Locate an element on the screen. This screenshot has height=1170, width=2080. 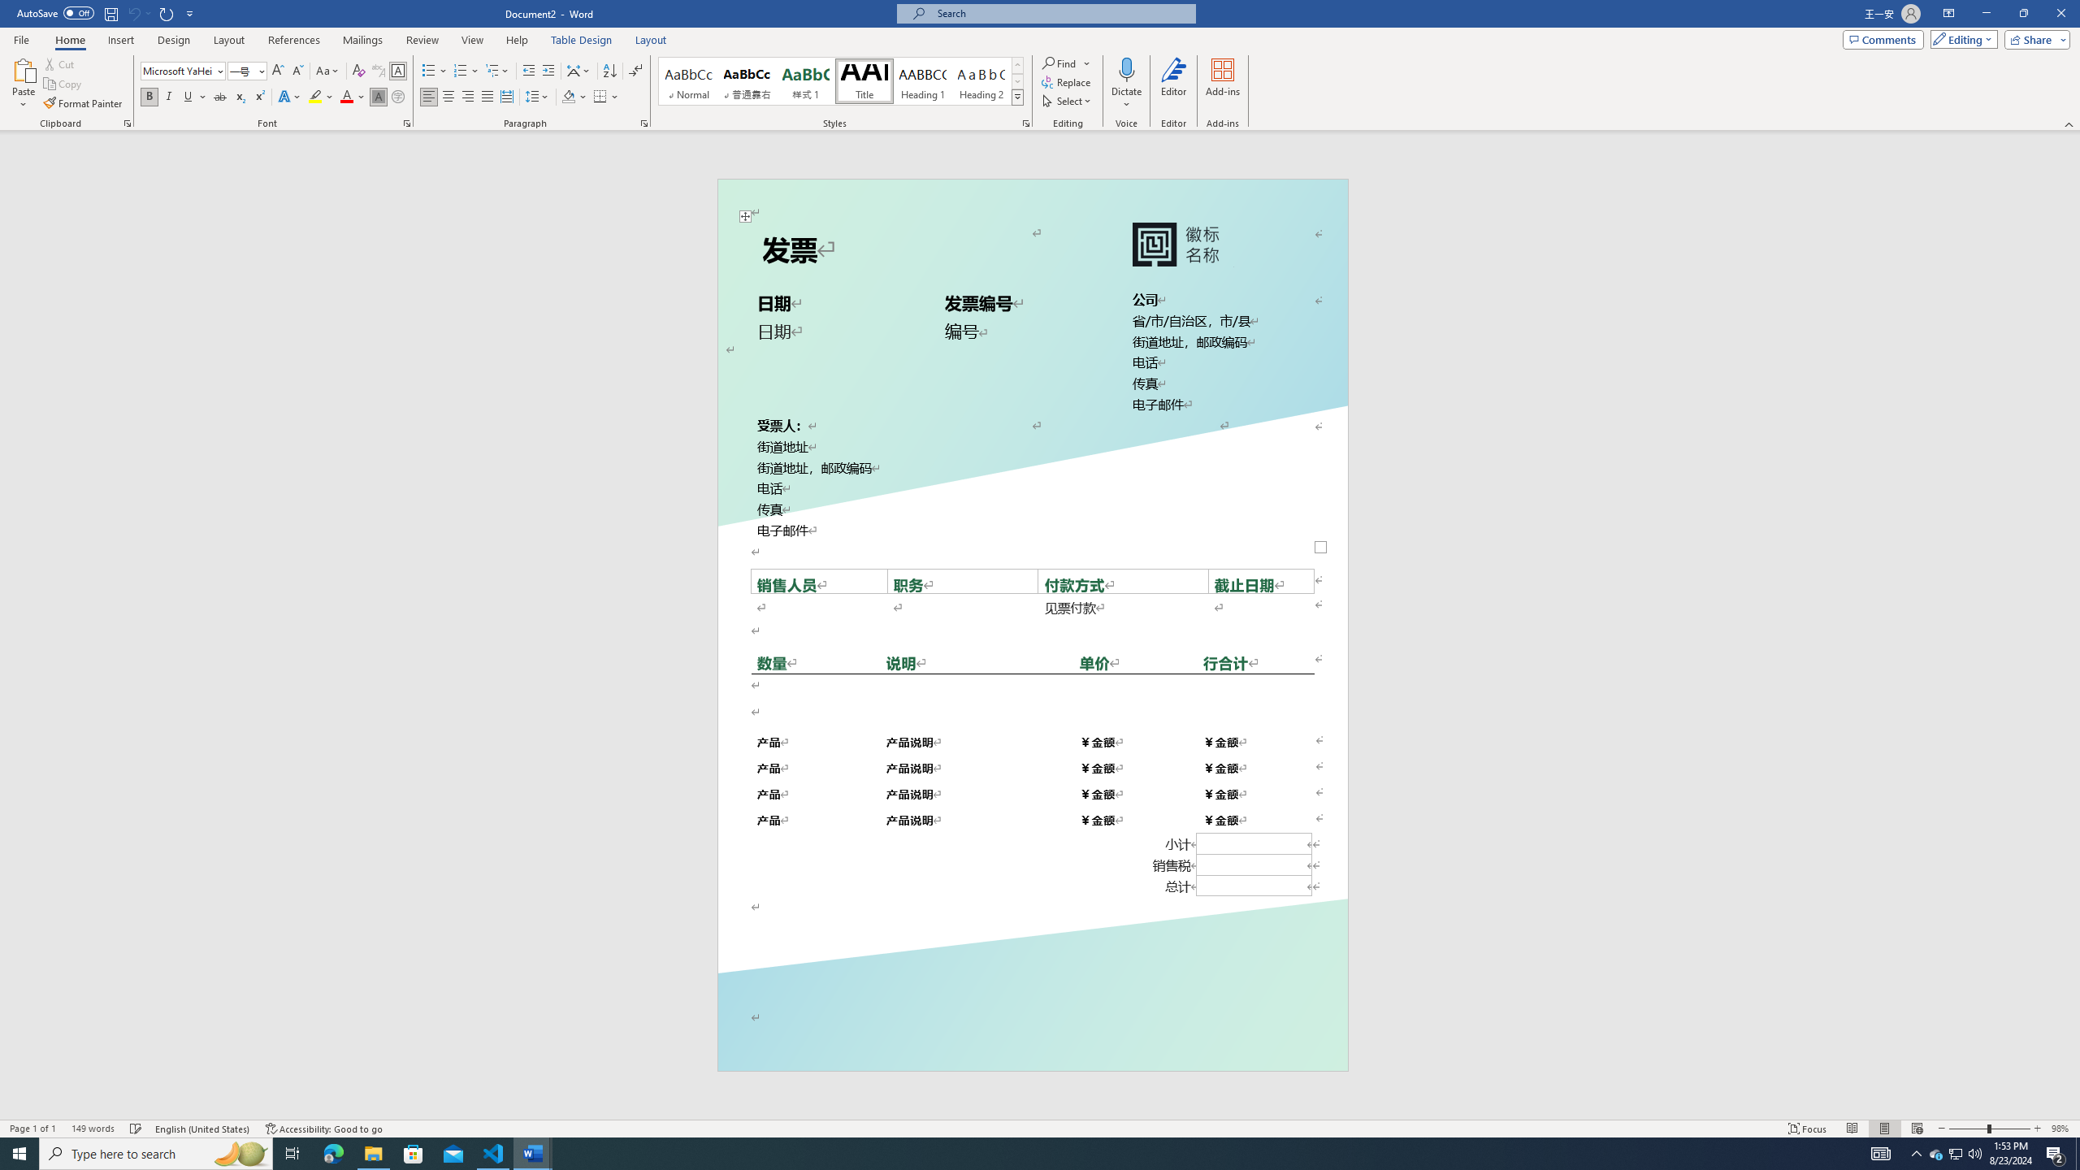
'Sort...' is located at coordinates (609, 71).